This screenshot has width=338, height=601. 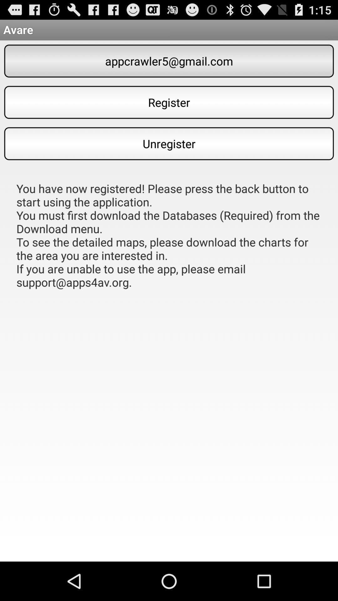 I want to click on the item below appcrawler5@gmail.com item, so click(x=169, y=102).